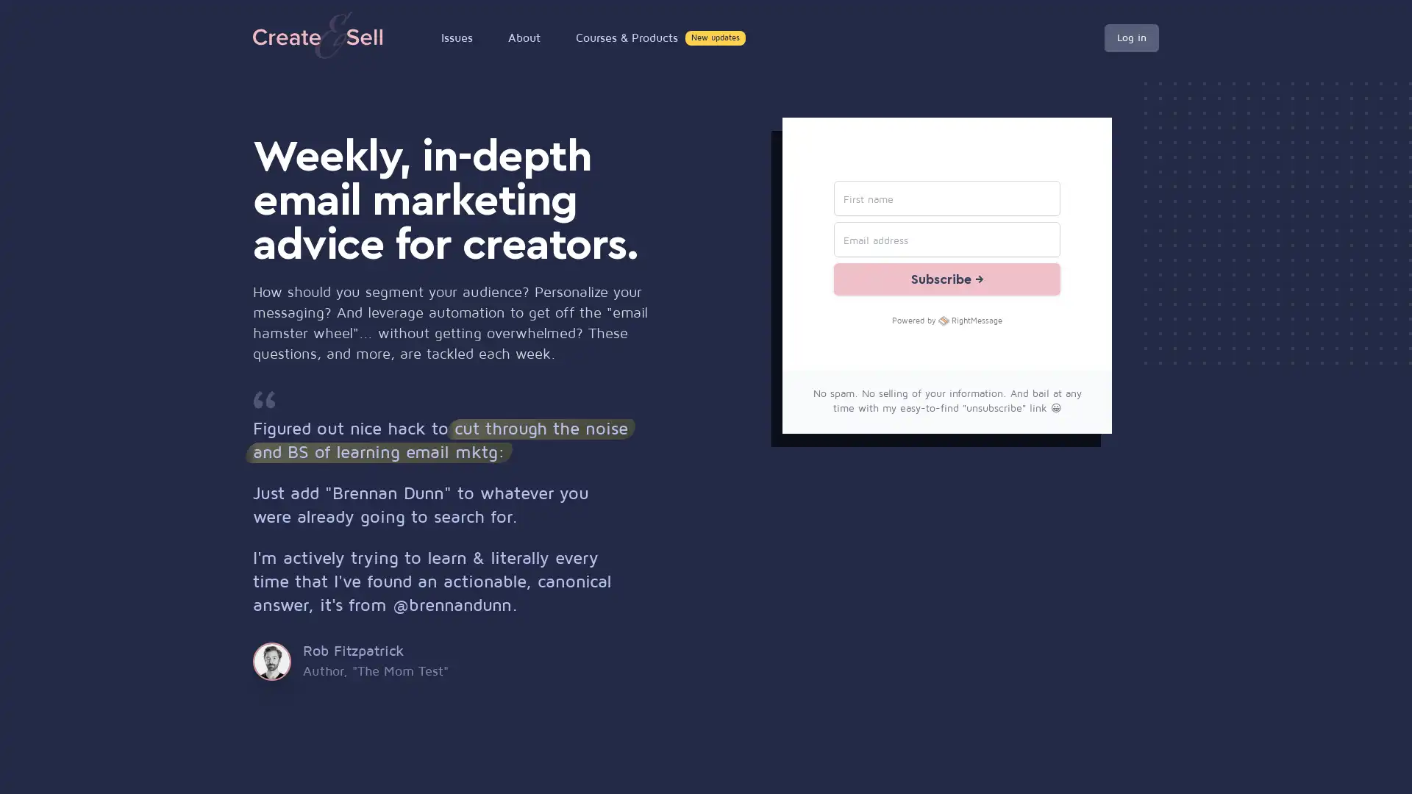 The height and width of the screenshot is (794, 1412). Describe the element at coordinates (946, 279) in the screenshot. I see `Subscribe` at that location.